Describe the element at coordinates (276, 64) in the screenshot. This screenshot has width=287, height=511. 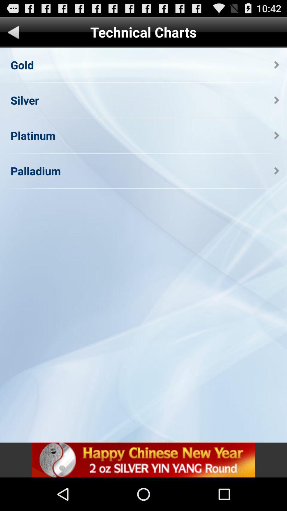
I see `app to the right of gold icon` at that location.